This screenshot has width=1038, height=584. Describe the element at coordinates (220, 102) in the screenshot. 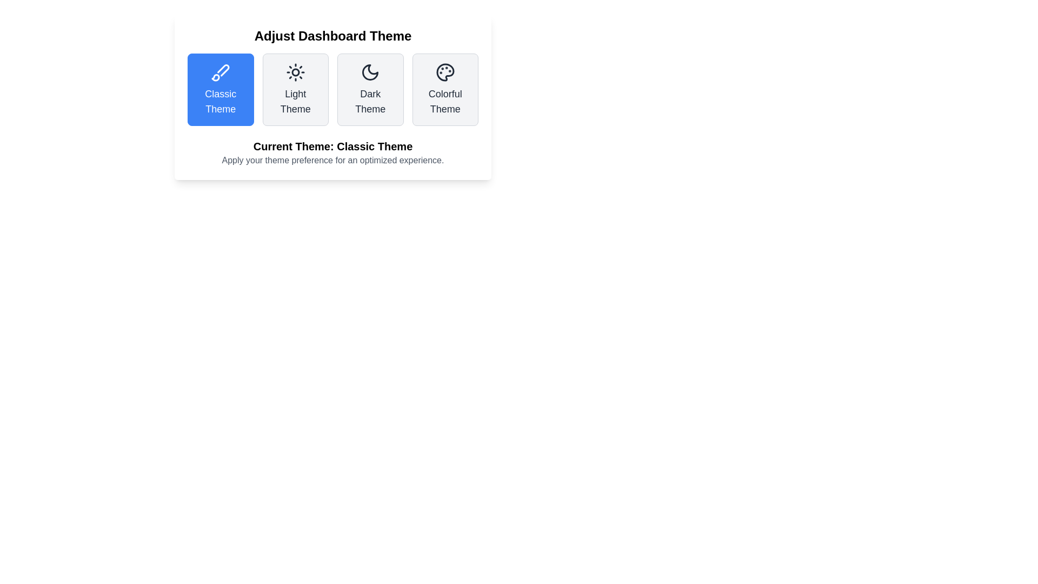

I see `'Classic Theme' label which is styled with a medium-large font size and is part of the first selectable theme option under the 'Adjust Dashboard Theme' heading` at that location.